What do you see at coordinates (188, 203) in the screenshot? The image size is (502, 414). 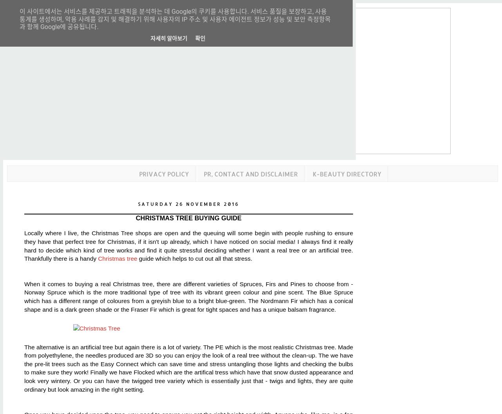 I see `'Saturday 26 November 2016'` at bounding box center [188, 203].